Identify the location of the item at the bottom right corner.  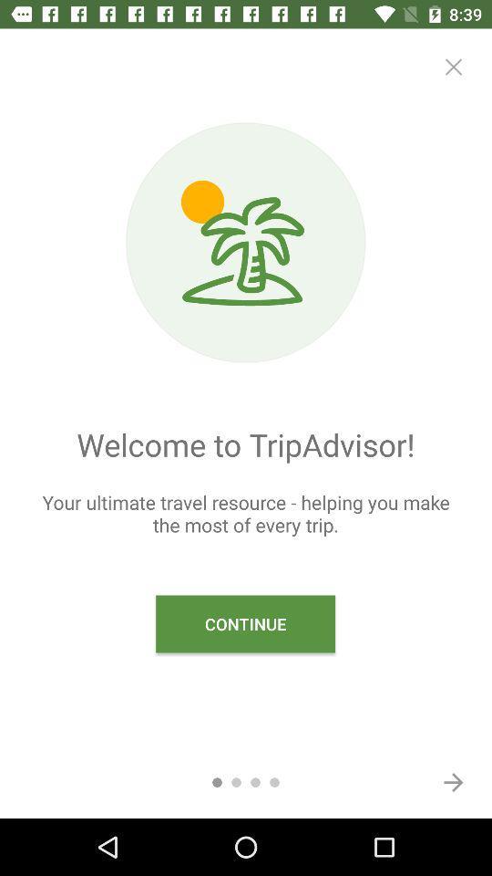
(452, 781).